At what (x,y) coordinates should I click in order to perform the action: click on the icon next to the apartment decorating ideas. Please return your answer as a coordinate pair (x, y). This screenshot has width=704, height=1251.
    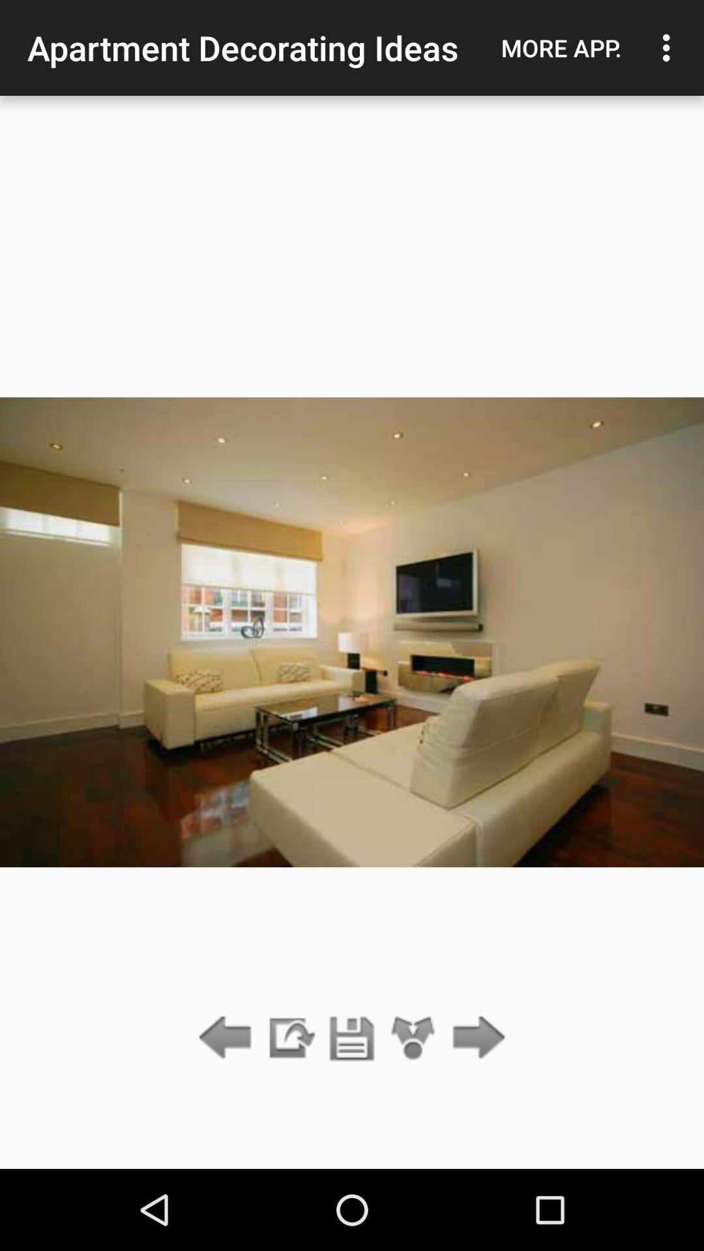
    Looking at the image, I should click on (561, 48).